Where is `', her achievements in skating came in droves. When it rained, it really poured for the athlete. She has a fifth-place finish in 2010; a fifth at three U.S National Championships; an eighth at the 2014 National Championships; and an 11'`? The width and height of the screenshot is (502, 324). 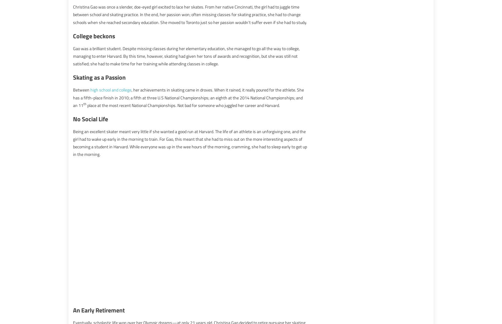
', her achievements in skating came in droves. When it rained, it really poured for the athlete. She has a fifth-place finish in 2010; a fifth at three U.S National Championships; an eighth at the 2014 National Championships; and an 11' is located at coordinates (188, 97).